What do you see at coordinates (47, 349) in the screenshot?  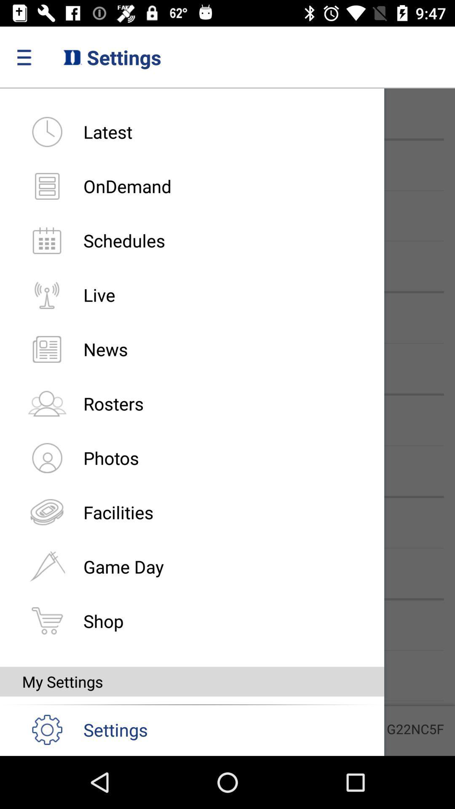 I see `left of news` at bounding box center [47, 349].